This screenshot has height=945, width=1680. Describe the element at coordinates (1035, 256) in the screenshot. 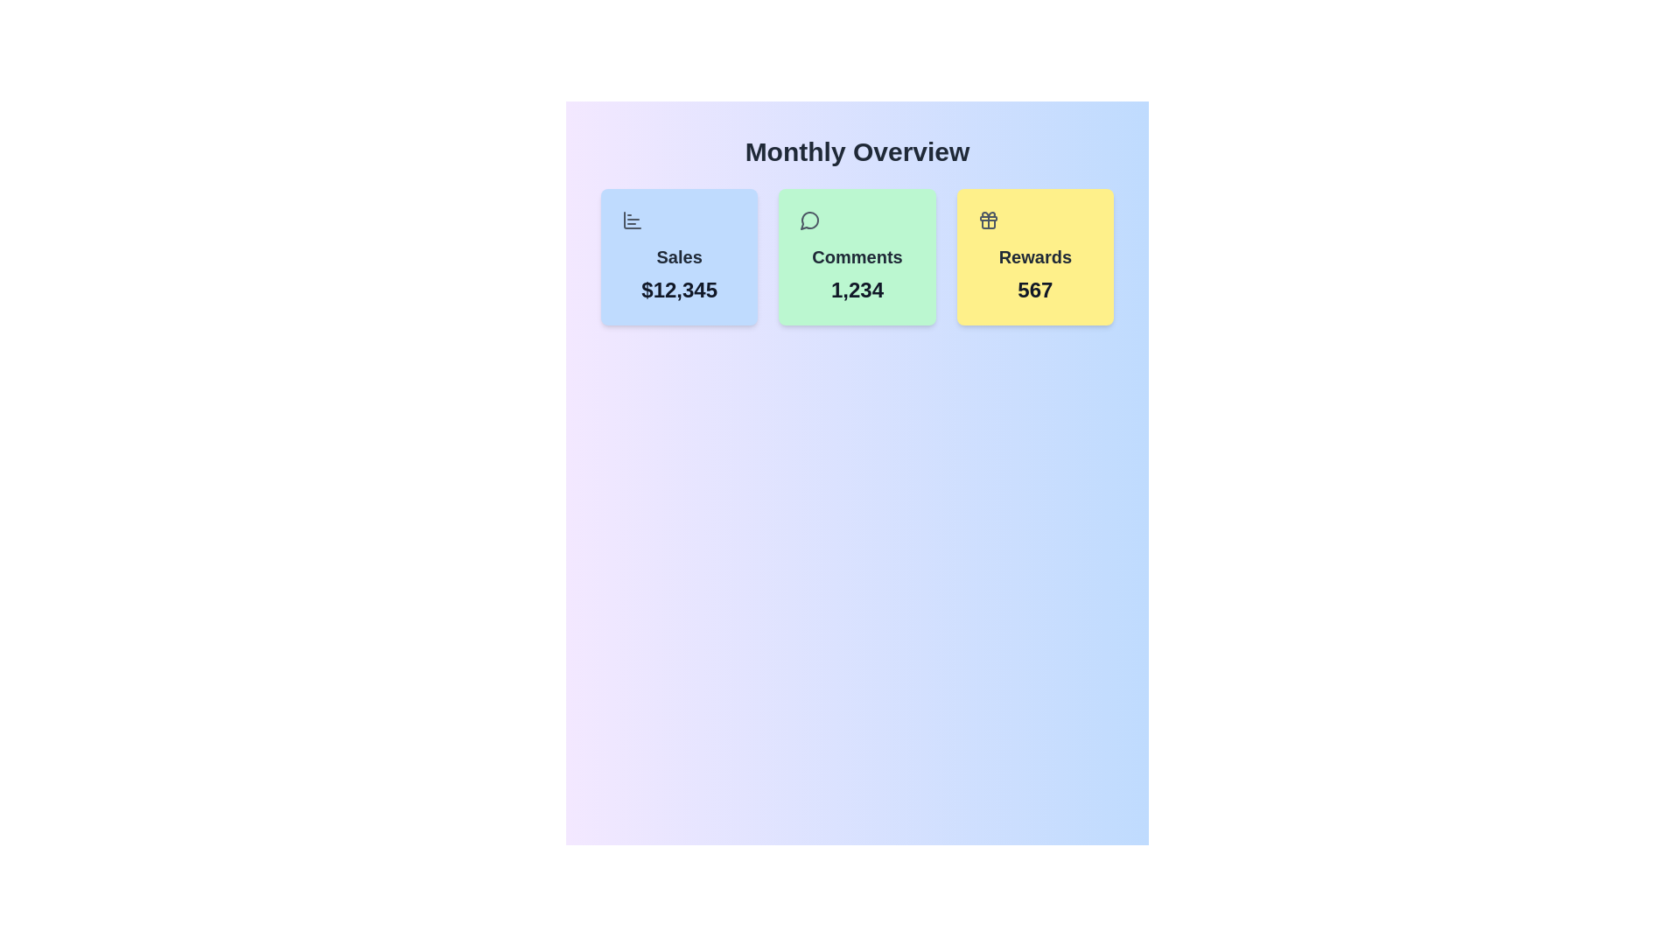

I see `the header label in the 'Rewards' section, which is centrally positioned in the rightmost yellow card under the 'Monthly Overview' heading` at that location.